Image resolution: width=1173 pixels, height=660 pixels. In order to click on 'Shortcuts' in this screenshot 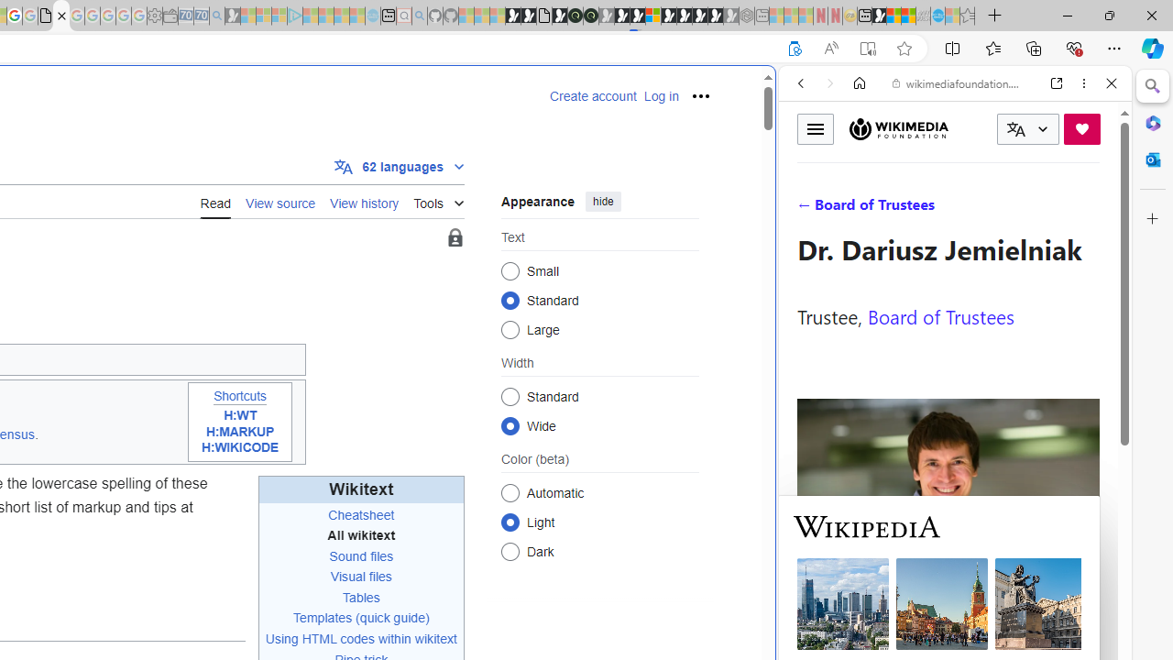, I will do `click(238, 395)`.